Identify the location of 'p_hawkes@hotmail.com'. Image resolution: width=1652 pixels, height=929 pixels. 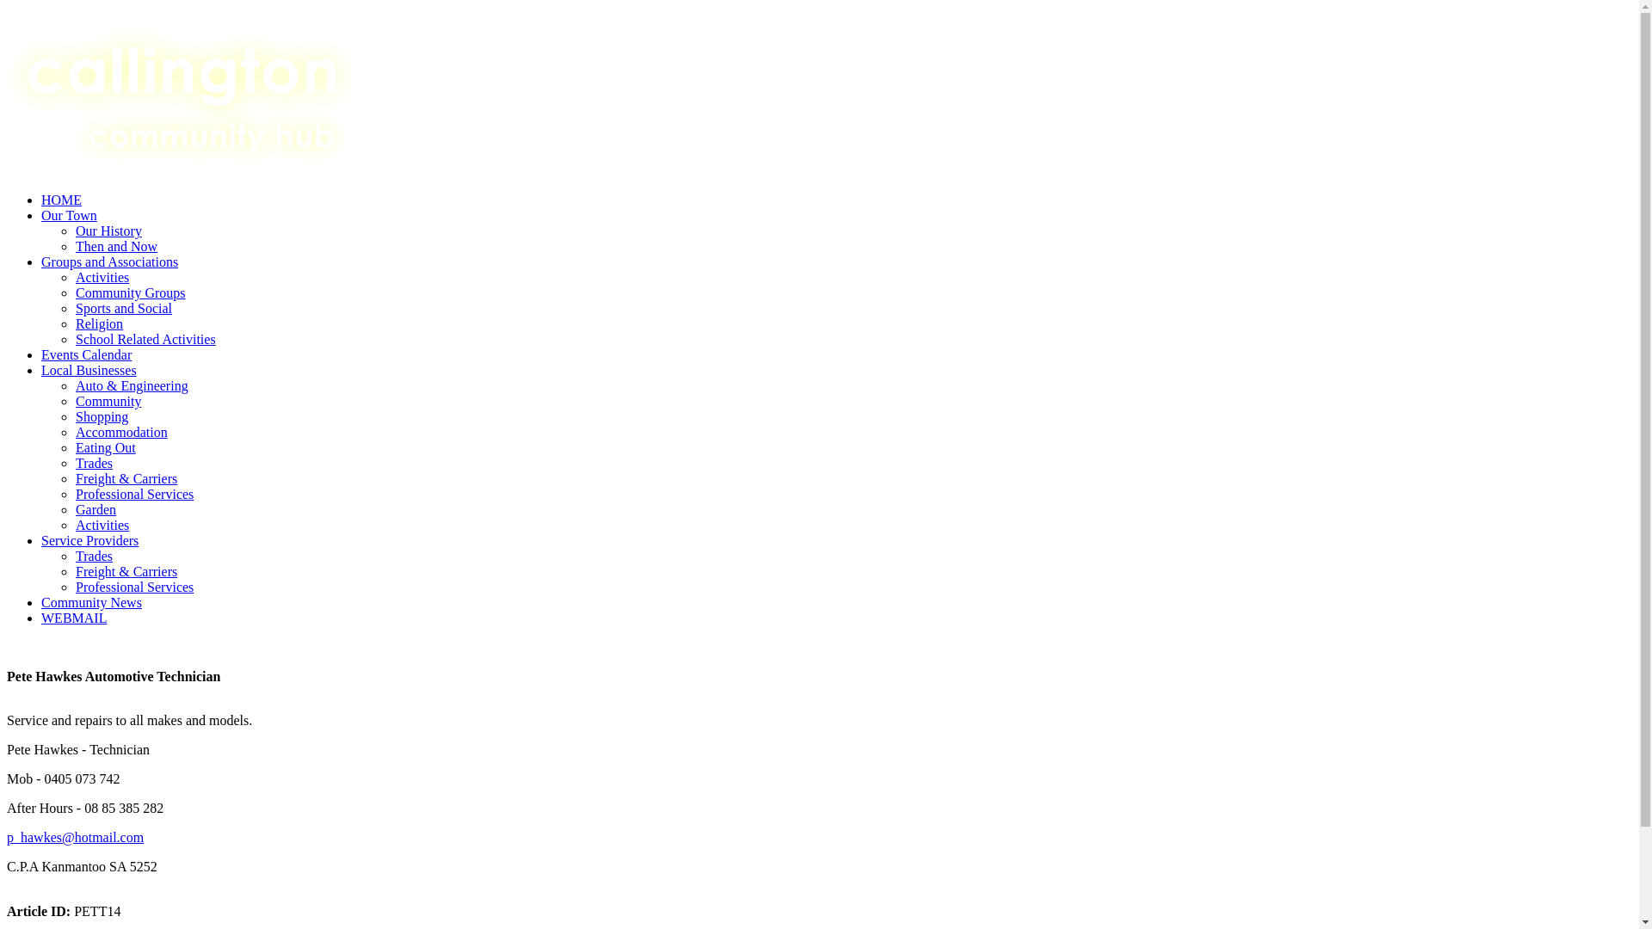
(7, 836).